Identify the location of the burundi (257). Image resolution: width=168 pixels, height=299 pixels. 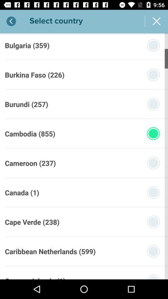
(26, 104).